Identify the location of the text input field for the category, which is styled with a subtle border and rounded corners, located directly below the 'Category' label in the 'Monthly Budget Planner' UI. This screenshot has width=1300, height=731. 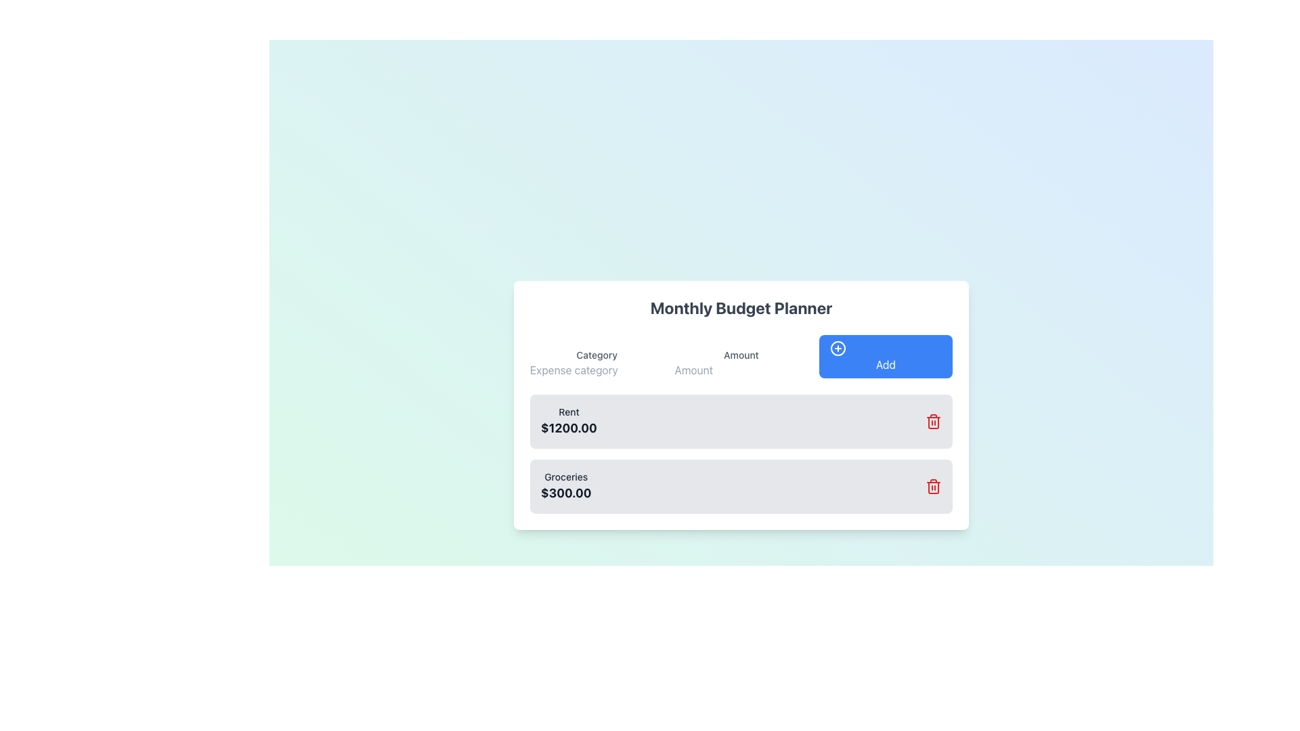
(596, 370).